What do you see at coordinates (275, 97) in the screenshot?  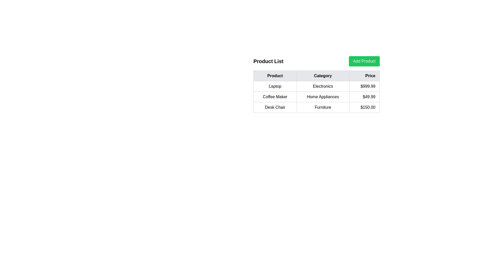 I see `text label identifying the product named 'Coffee Maker' located in the second row of the 'Product' column in the table` at bounding box center [275, 97].